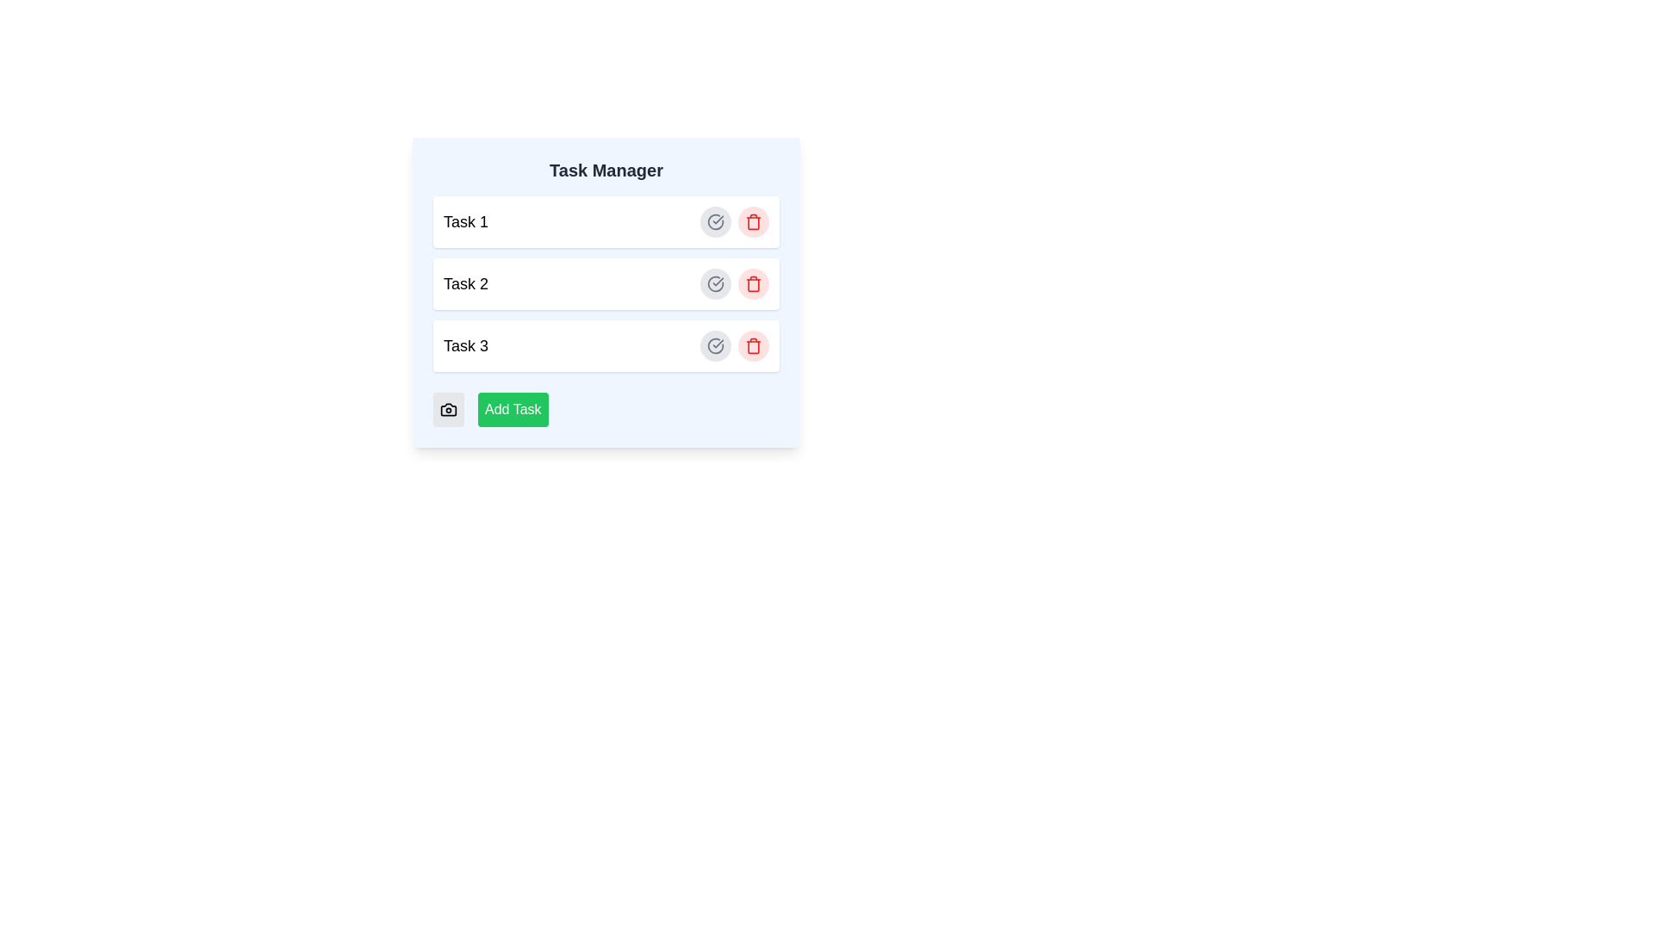 Image resolution: width=1654 pixels, height=930 pixels. Describe the element at coordinates (606, 291) in the screenshot. I see `the second task entry labeled 'Task 2' in the task manager system` at that location.